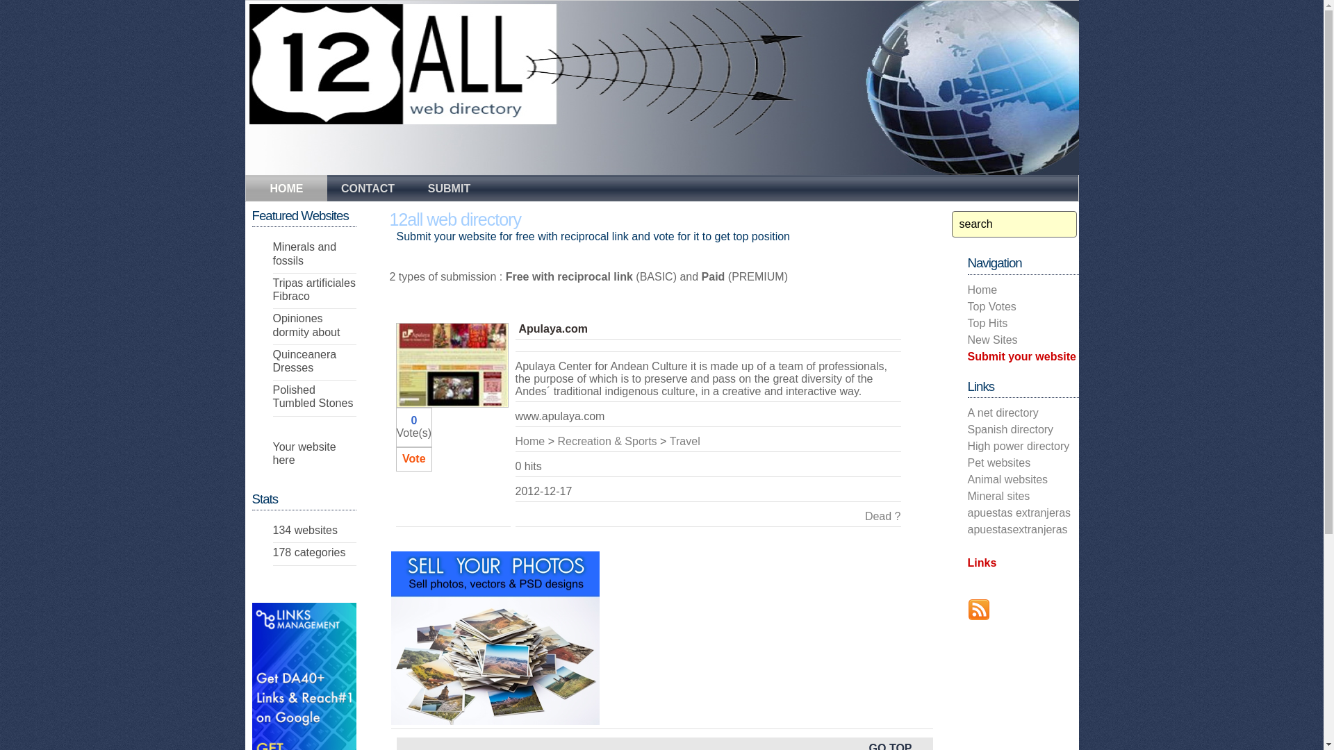 This screenshot has width=1334, height=750. What do you see at coordinates (997, 495) in the screenshot?
I see `'Mineral sites'` at bounding box center [997, 495].